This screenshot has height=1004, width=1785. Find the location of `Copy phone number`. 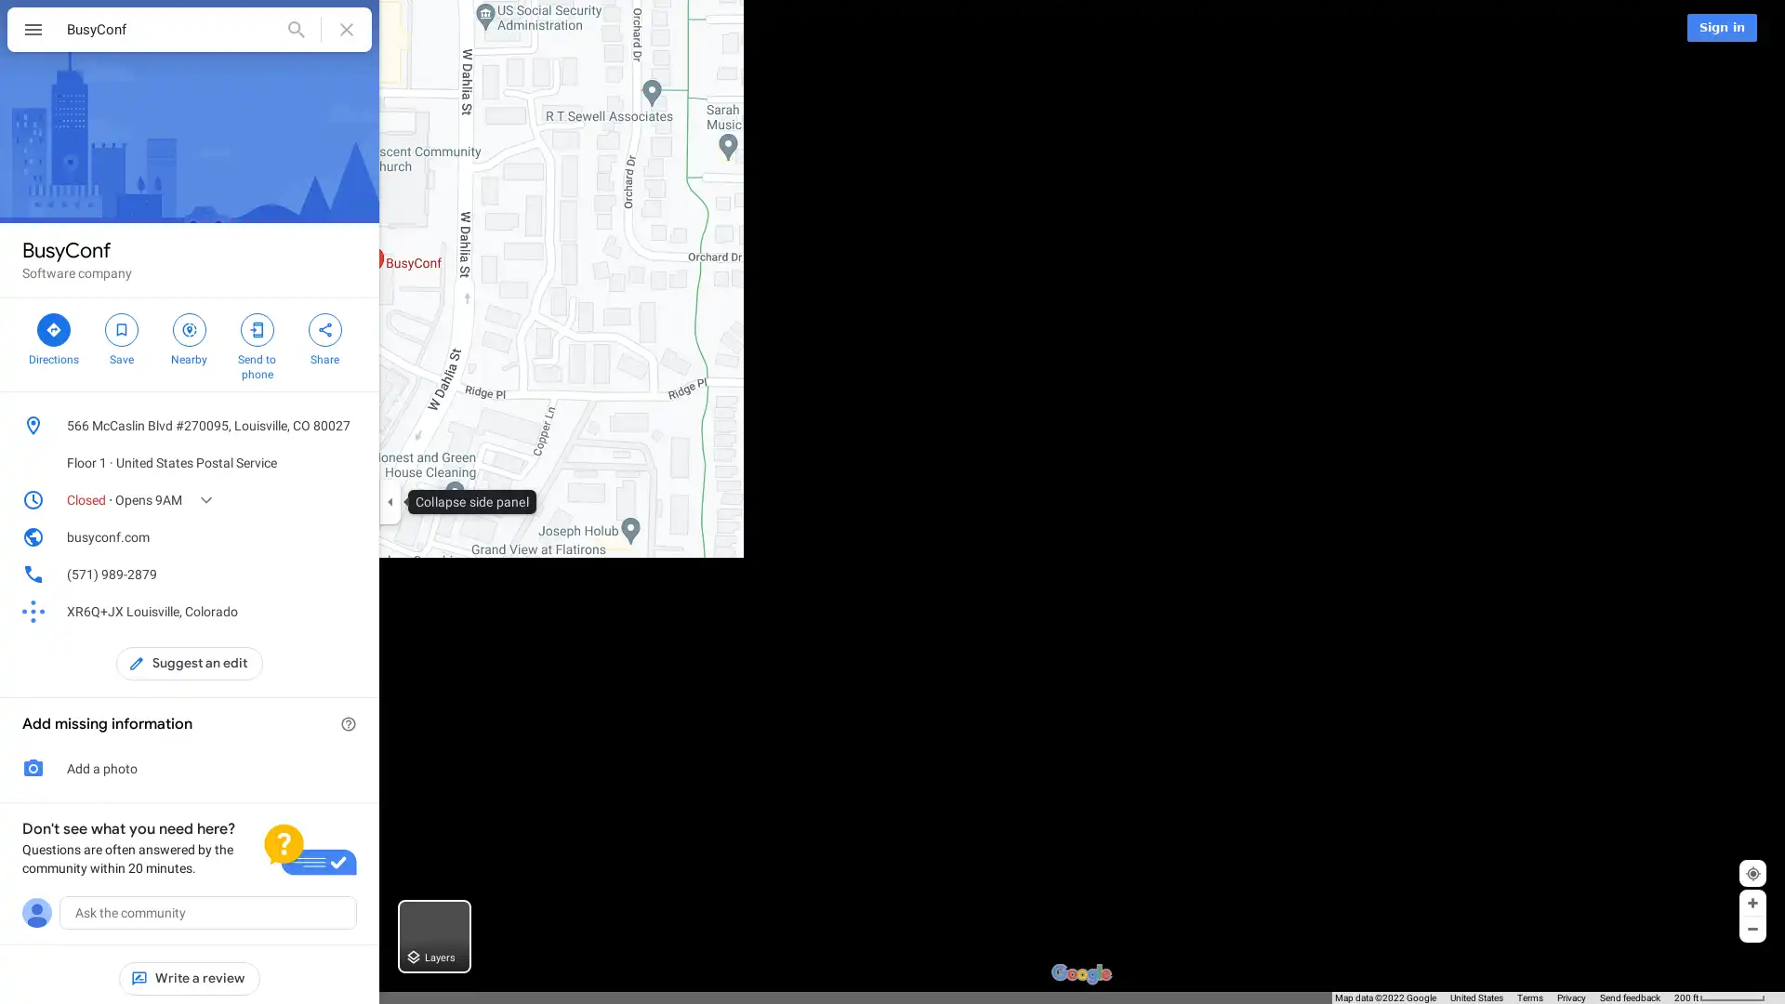

Copy phone number is located at coordinates (320, 573).